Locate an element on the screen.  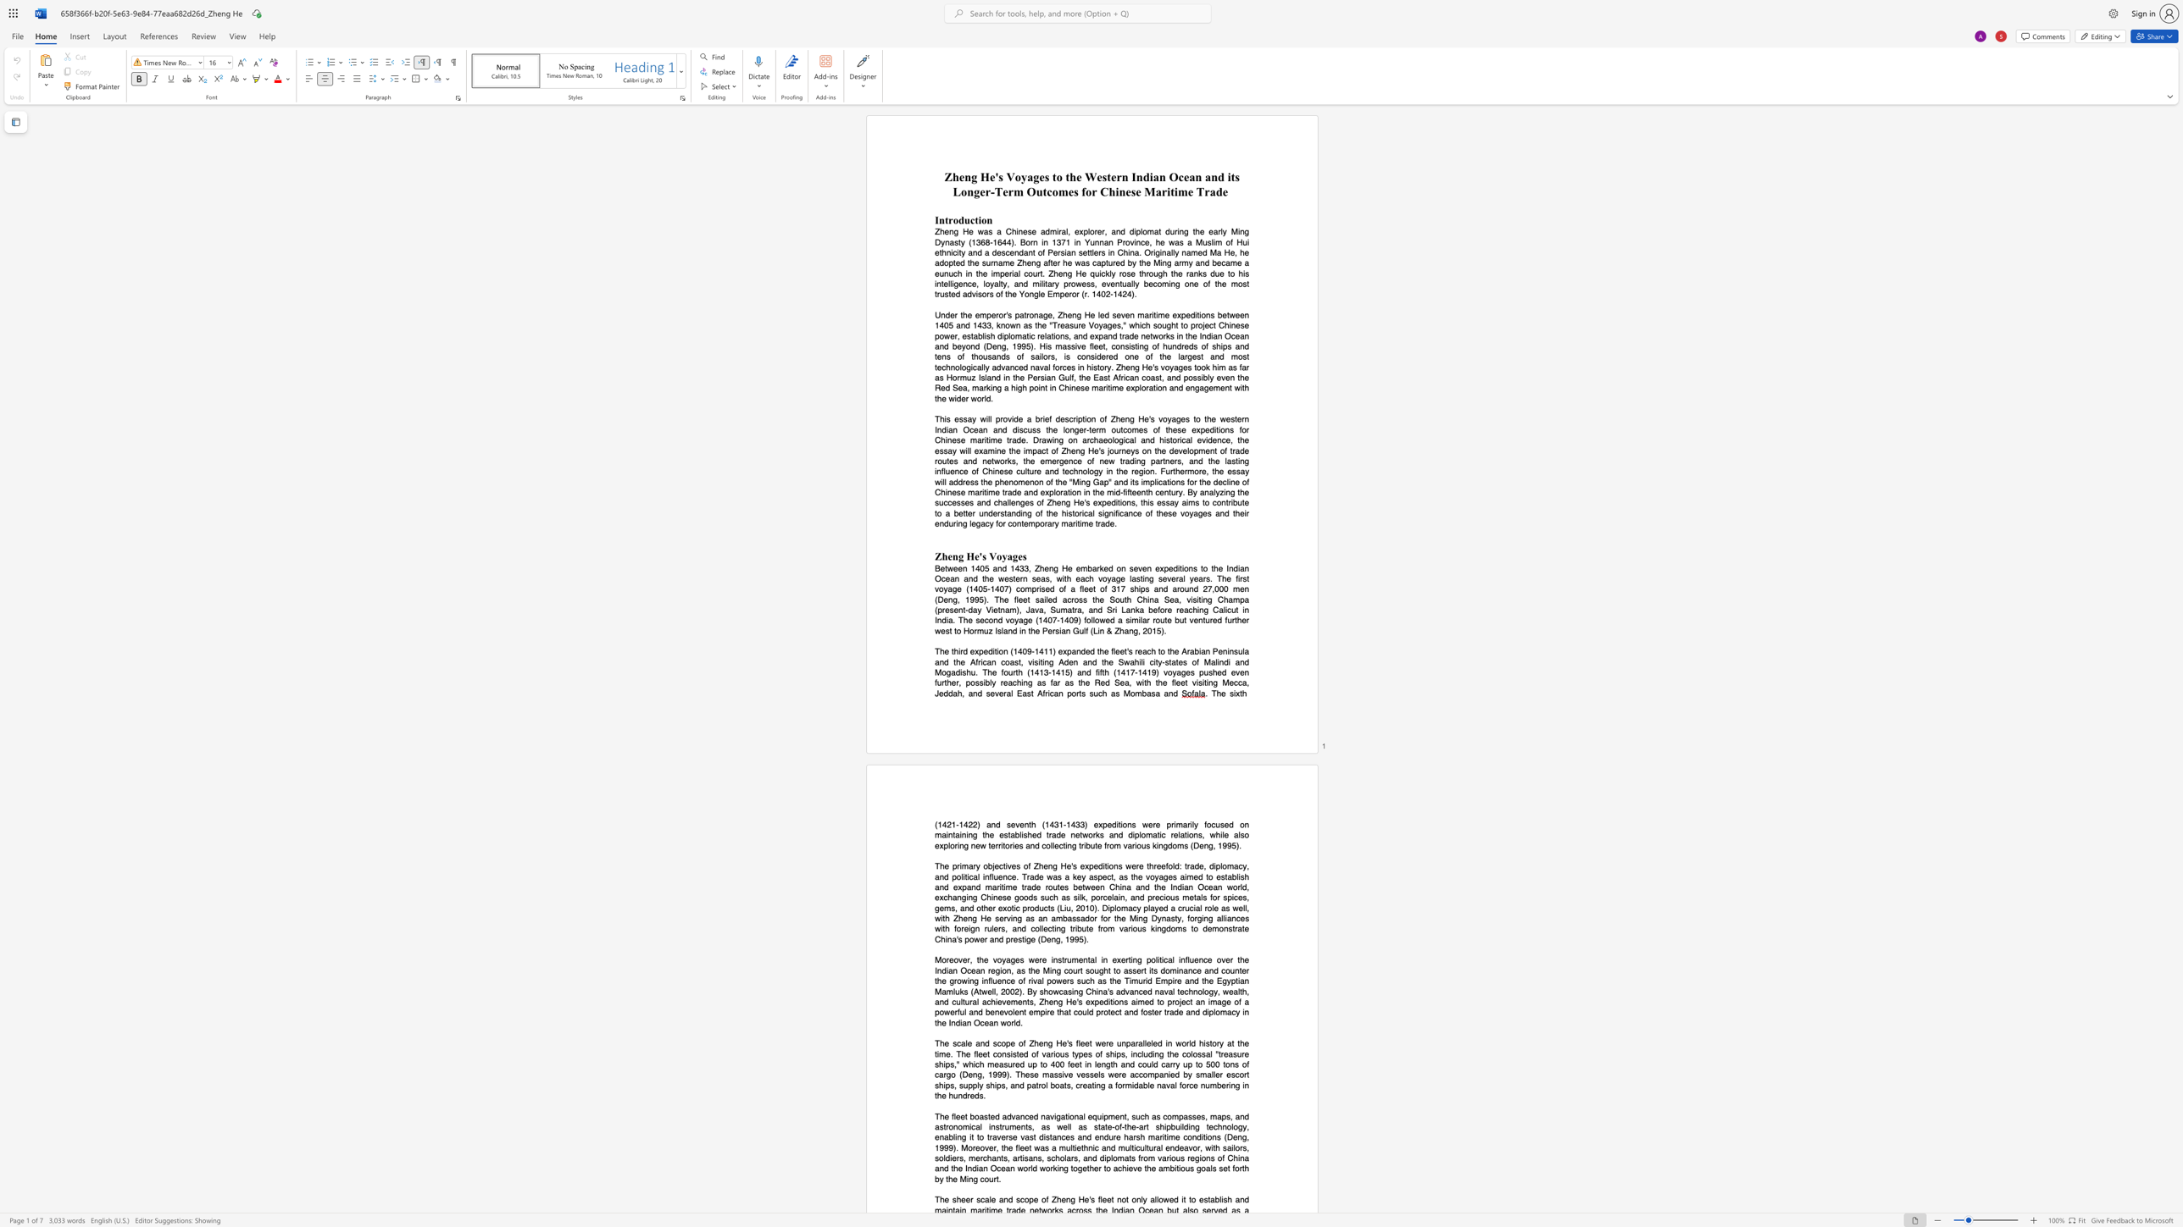
the subset text "t." within the text "shipbuilding technology, enabling it to traverse vast distances and endure harsh maritime conditions (Deng, 1999). Moreover, the fleet was a multiethnic and multicultural endeavor, with sailors, soldiers, merchants, artisans, scholars, and diplomats from various regions of China and the Indian Ocean world working together to achieve the ambitious goals set forth by the Ming court." is located at coordinates (996, 1179).